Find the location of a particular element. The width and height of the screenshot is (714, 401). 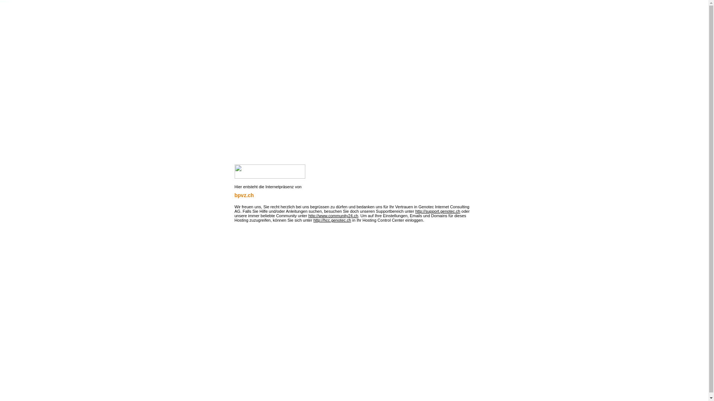

'http://www.community24.ch' is located at coordinates (333, 216).